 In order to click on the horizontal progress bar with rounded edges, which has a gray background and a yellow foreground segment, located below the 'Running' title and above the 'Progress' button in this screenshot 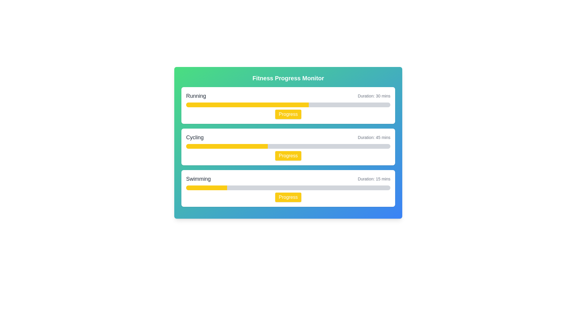, I will do `click(288, 105)`.